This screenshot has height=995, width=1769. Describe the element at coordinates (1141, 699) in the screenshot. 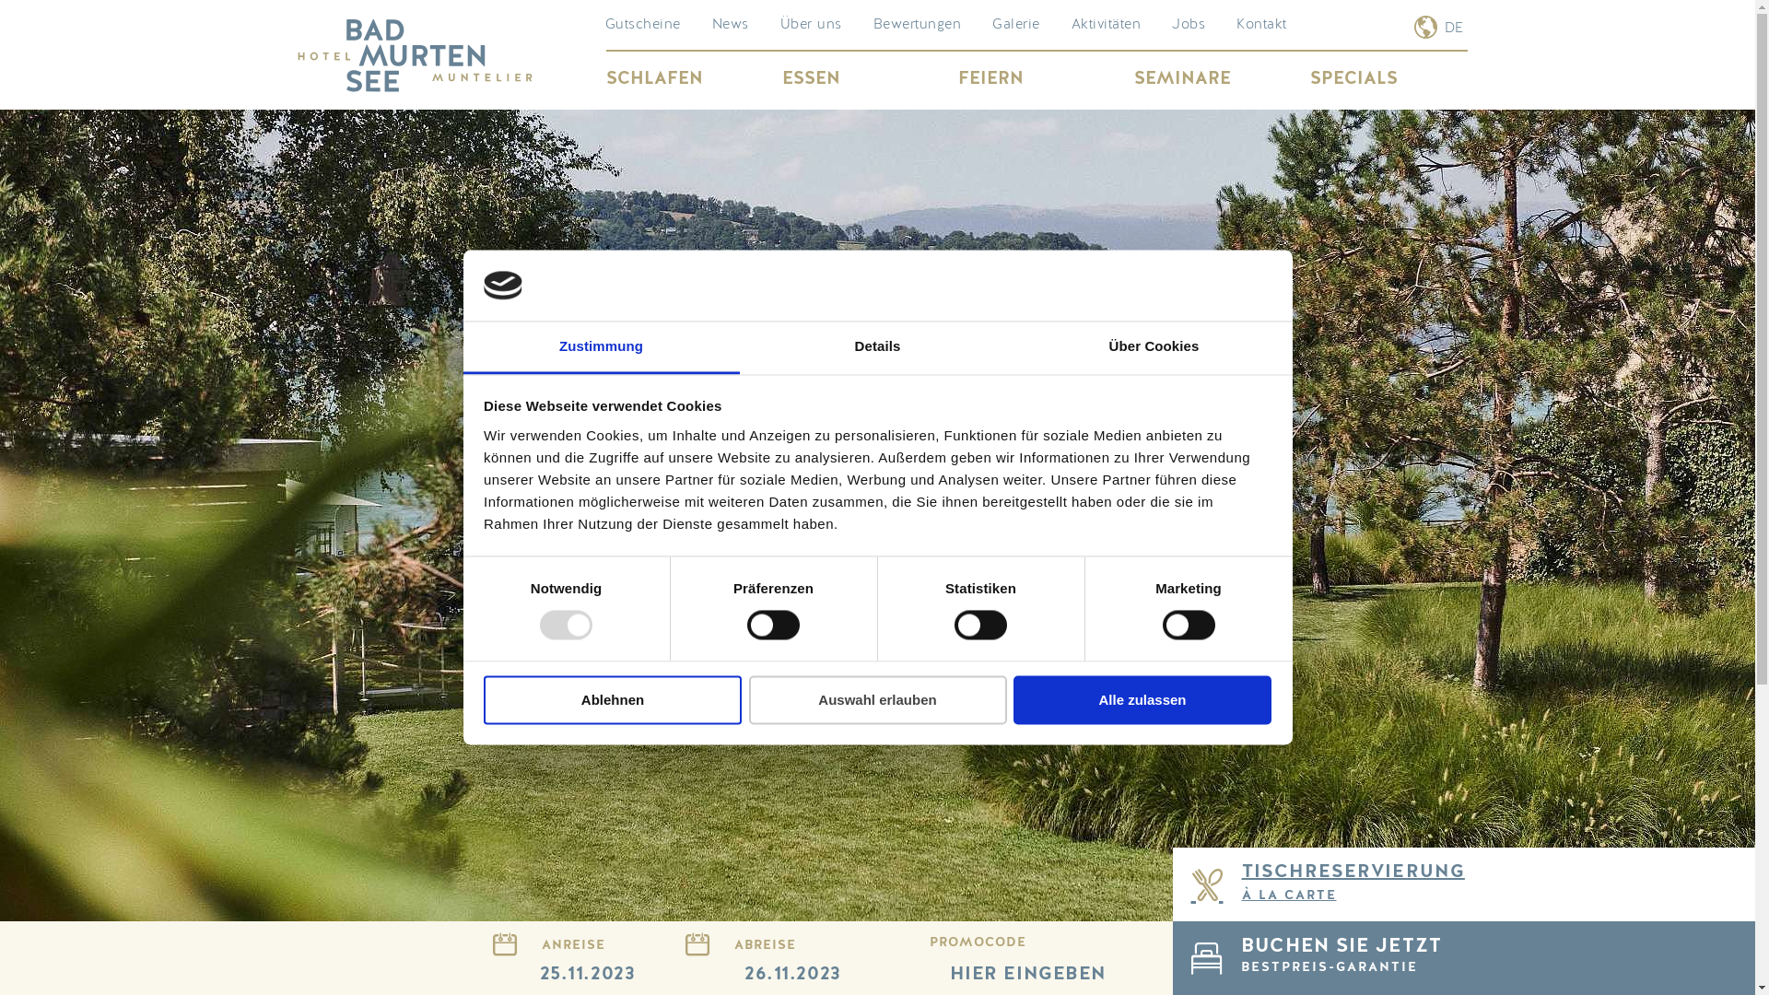

I see `'Alle zulassen'` at that location.